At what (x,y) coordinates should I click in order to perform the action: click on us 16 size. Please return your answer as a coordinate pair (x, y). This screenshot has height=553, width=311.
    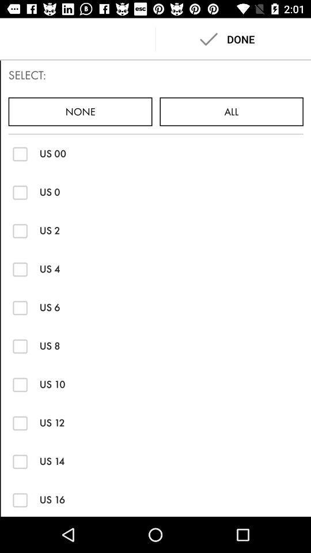
    Looking at the image, I should click on (20, 499).